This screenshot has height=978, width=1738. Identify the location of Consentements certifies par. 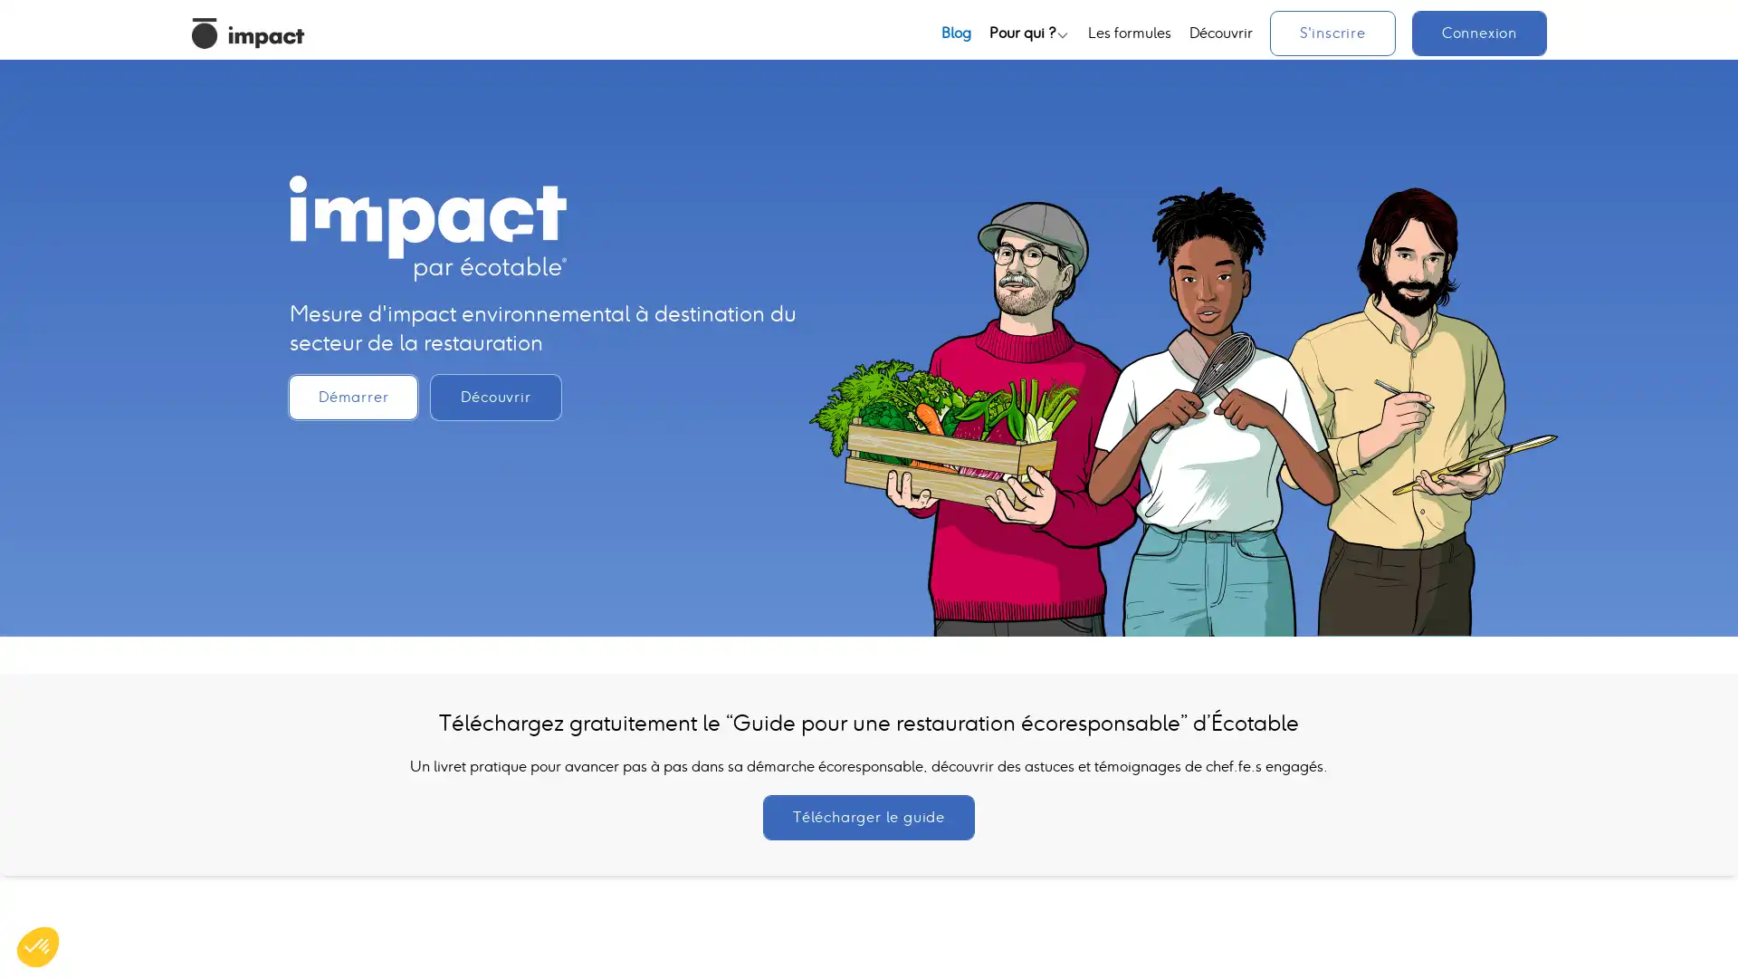
(207, 855).